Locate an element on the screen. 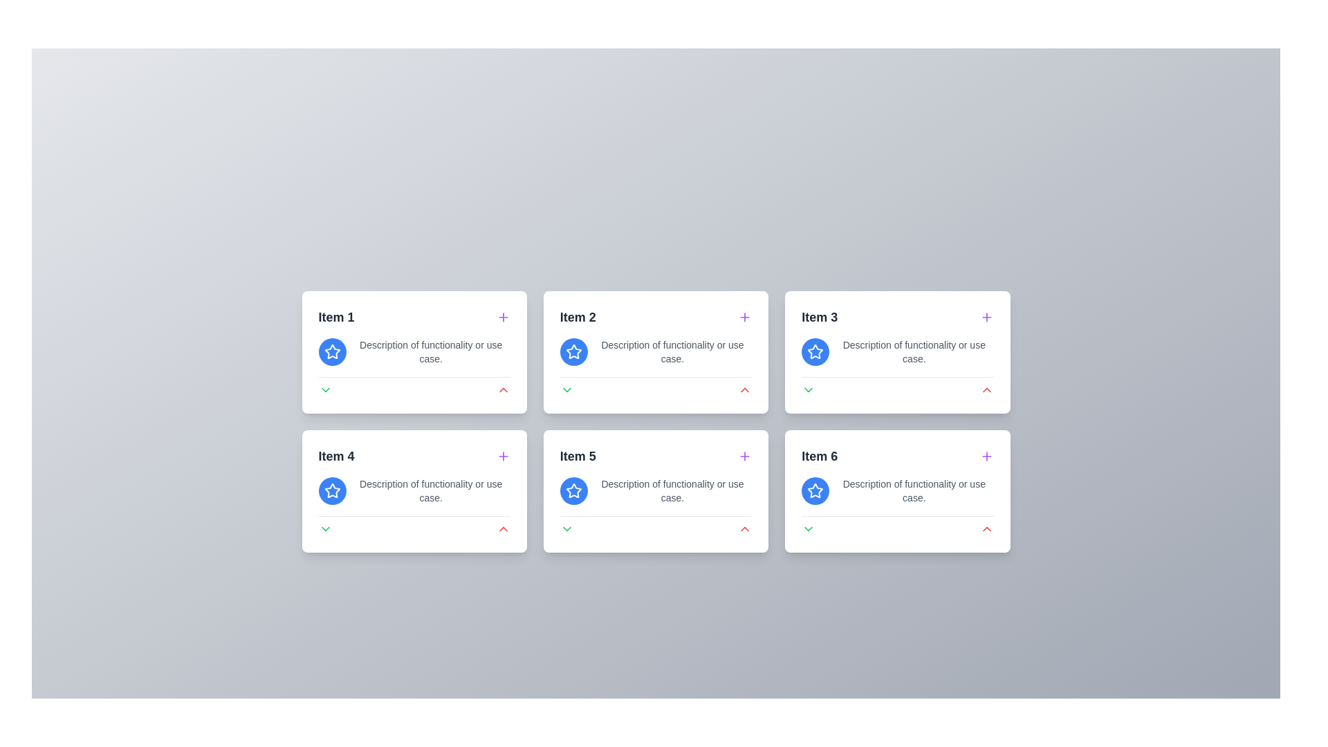  the star icon button styled with a blue background and white star lines, located within the sixth item card in a 2x3 grid layout is located at coordinates (815, 490).